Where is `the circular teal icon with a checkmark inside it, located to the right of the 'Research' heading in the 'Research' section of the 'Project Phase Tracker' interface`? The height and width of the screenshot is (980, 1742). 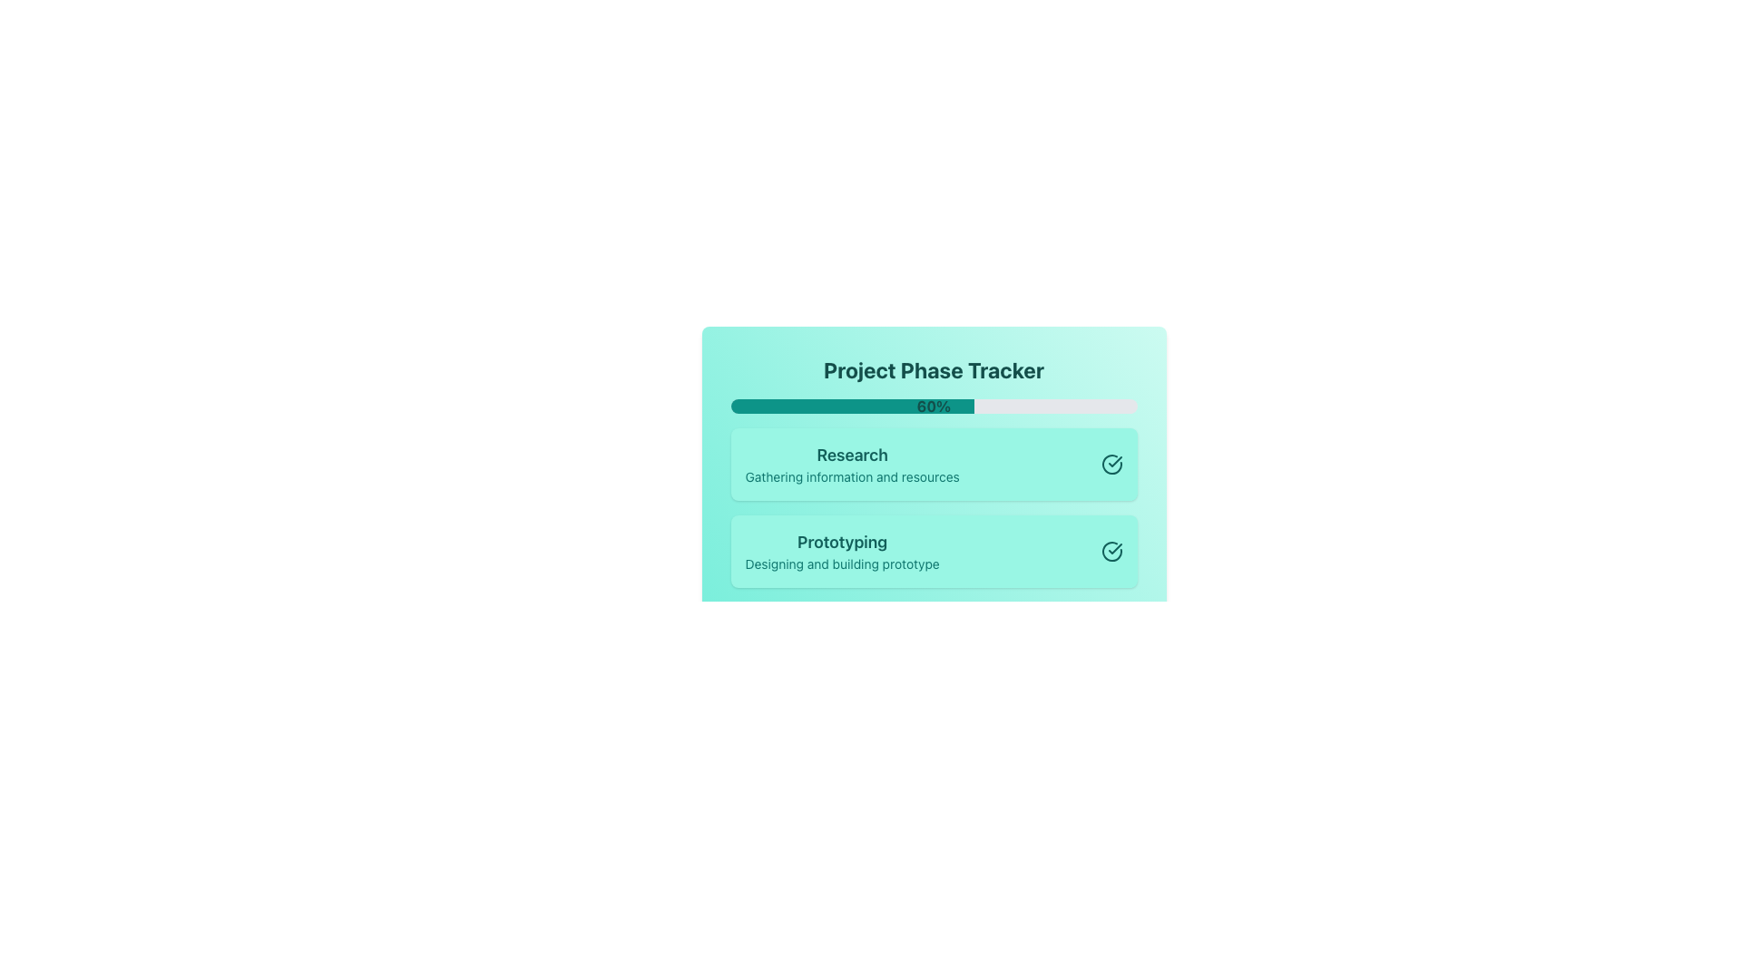
the circular teal icon with a checkmark inside it, located to the right of the 'Research' heading in the 'Research' section of the 'Project Phase Tracker' interface is located at coordinates (1111, 464).